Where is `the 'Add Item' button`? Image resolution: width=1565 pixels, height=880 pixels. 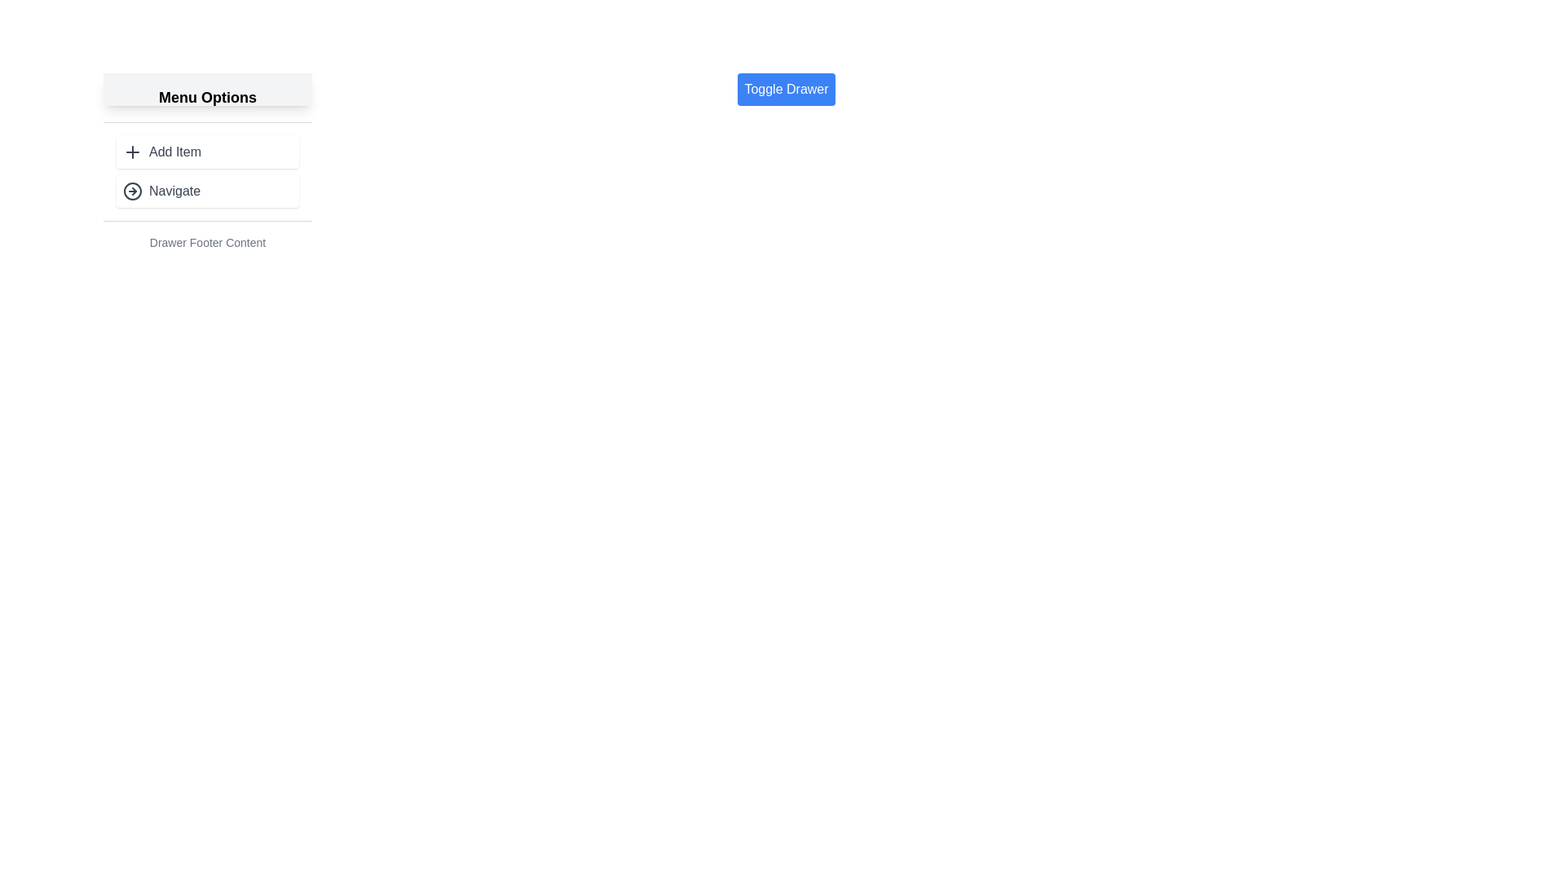 the 'Add Item' button is located at coordinates (206, 152).